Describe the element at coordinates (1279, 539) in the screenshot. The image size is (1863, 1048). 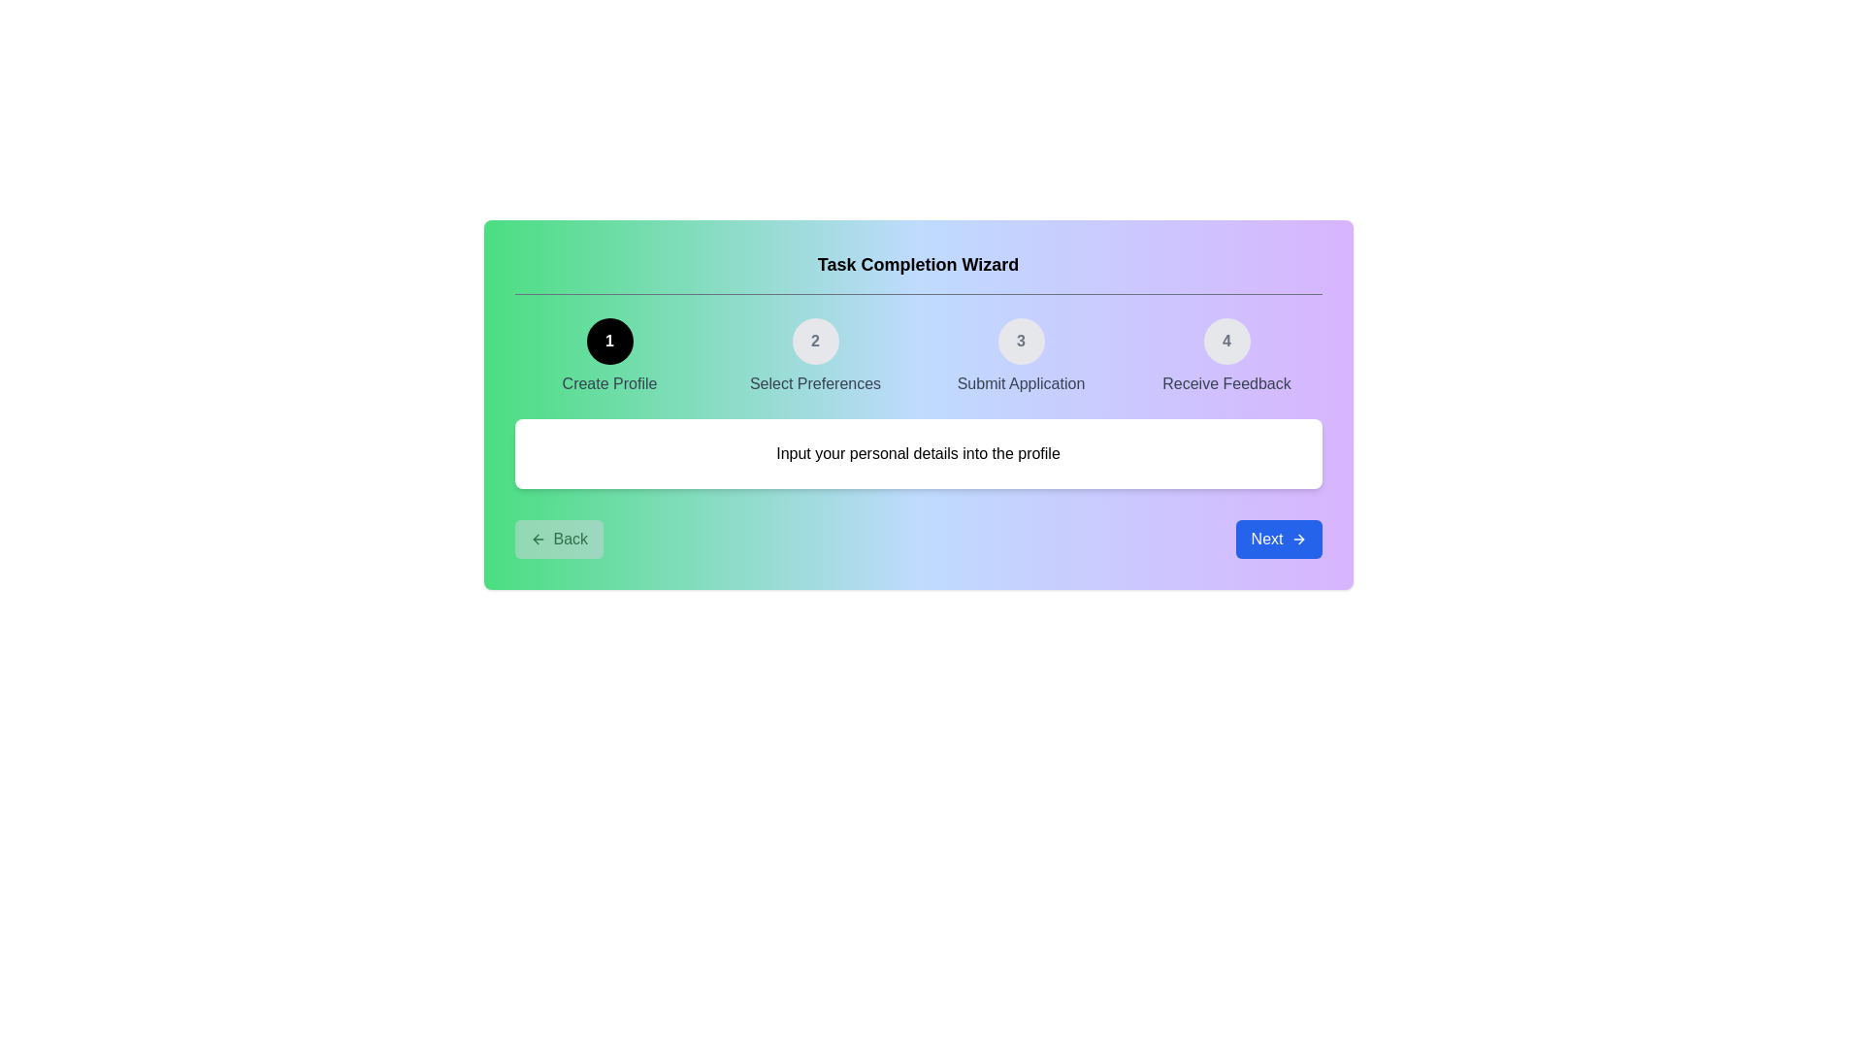
I see `the 'Next' button to proceed to the next stage` at that location.